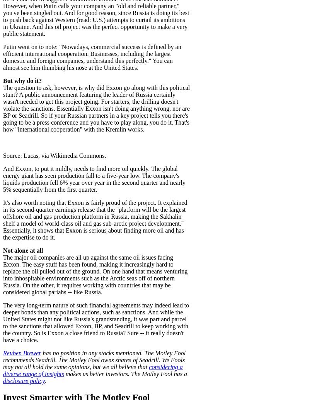 The height and width of the screenshot is (400, 329). Describe the element at coordinates (22, 80) in the screenshot. I see `'But why do it?'` at that location.